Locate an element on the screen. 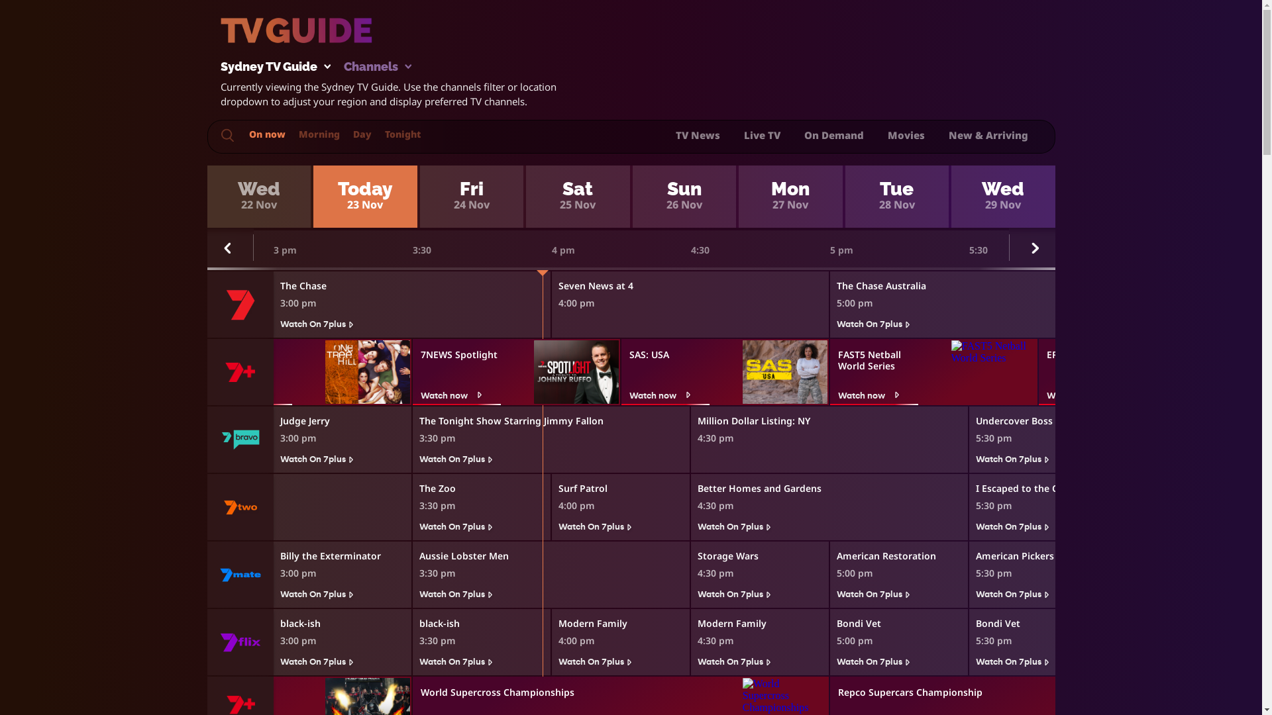 The image size is (1272, 715). 'Movies' is located at coordinates (906, 135).